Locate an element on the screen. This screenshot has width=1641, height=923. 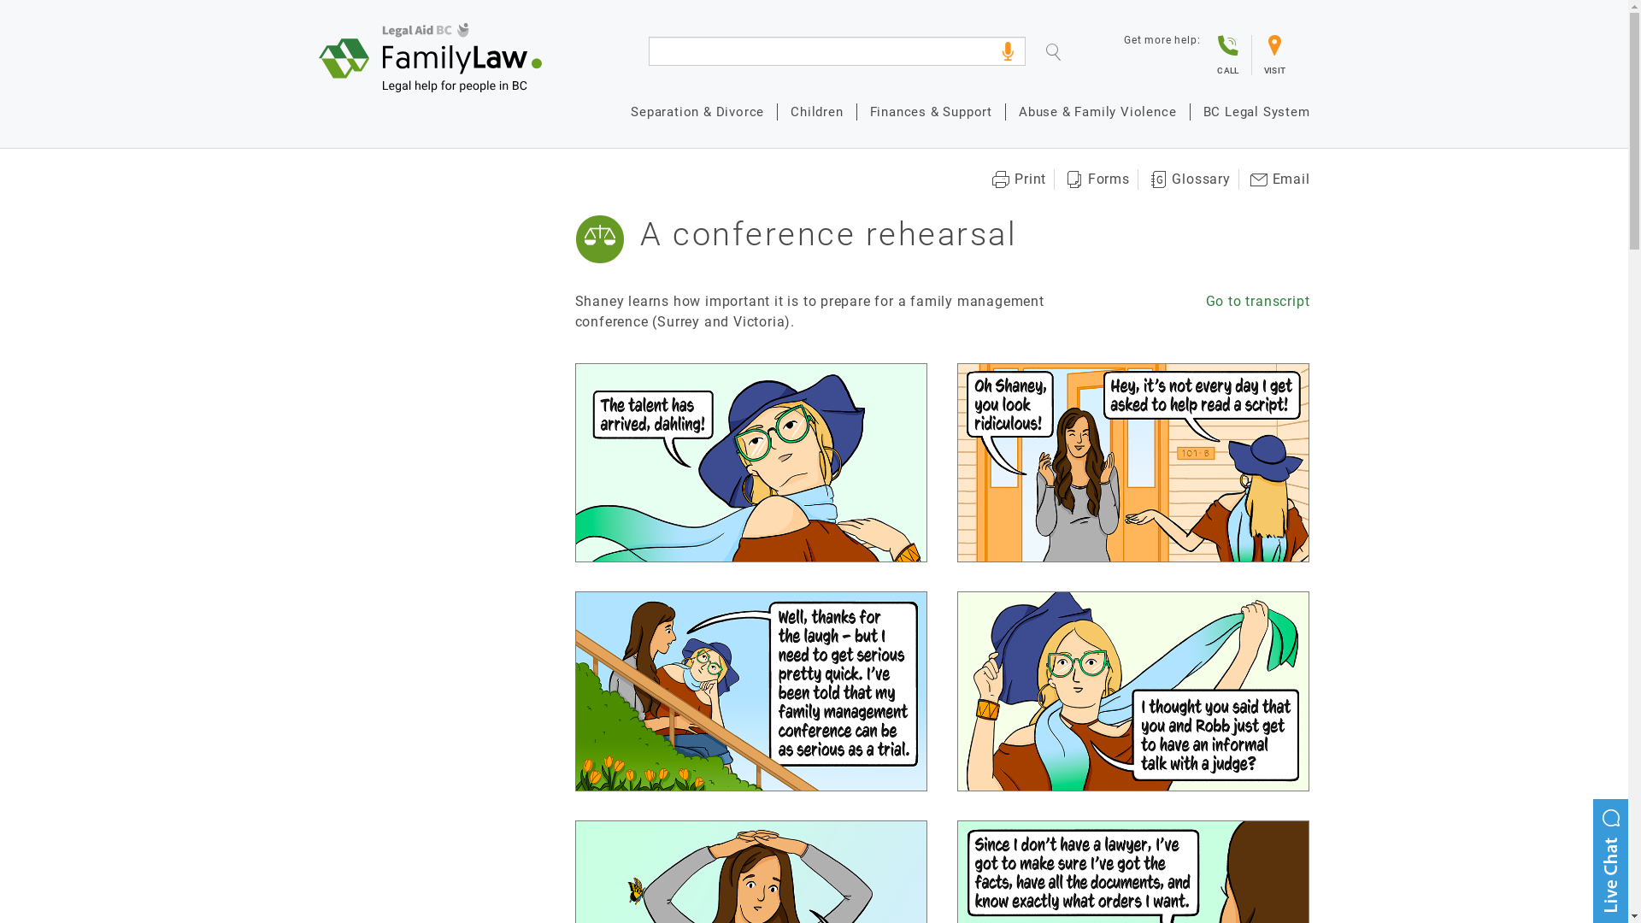
'CALL' is located at coordinates (1226, 53).